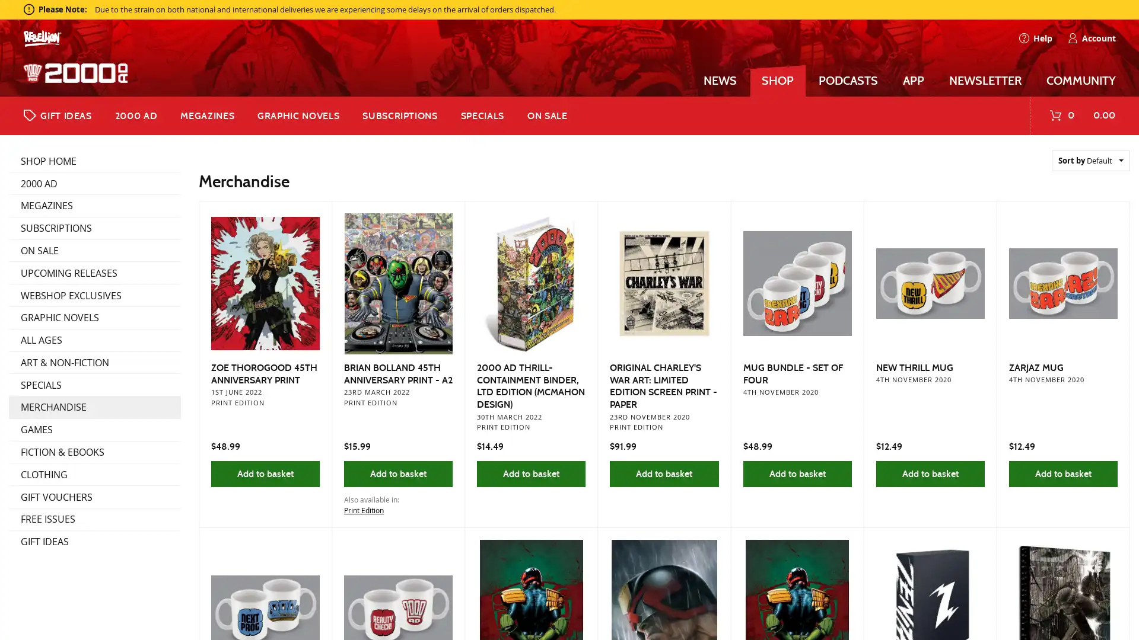 This screenshot has width=1139, height=640. I want to click on Add to basket, so click(797, 473).